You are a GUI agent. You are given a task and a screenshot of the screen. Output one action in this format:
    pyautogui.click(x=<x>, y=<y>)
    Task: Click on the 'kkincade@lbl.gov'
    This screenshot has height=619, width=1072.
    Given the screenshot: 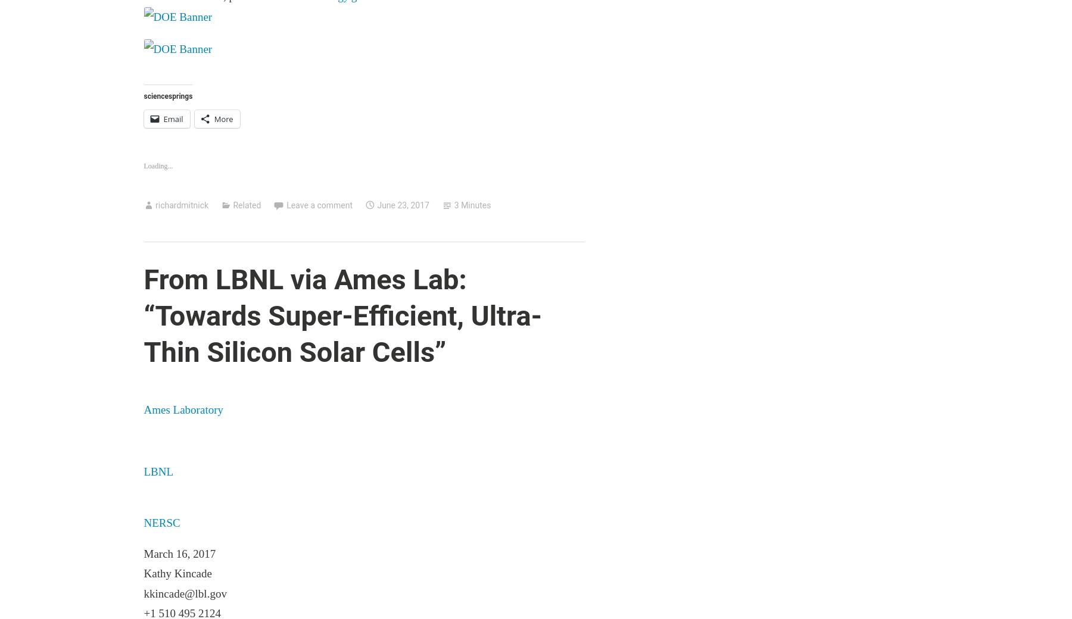 What is the action you would take?
    pyautogui.click(x=184, y=593)
    